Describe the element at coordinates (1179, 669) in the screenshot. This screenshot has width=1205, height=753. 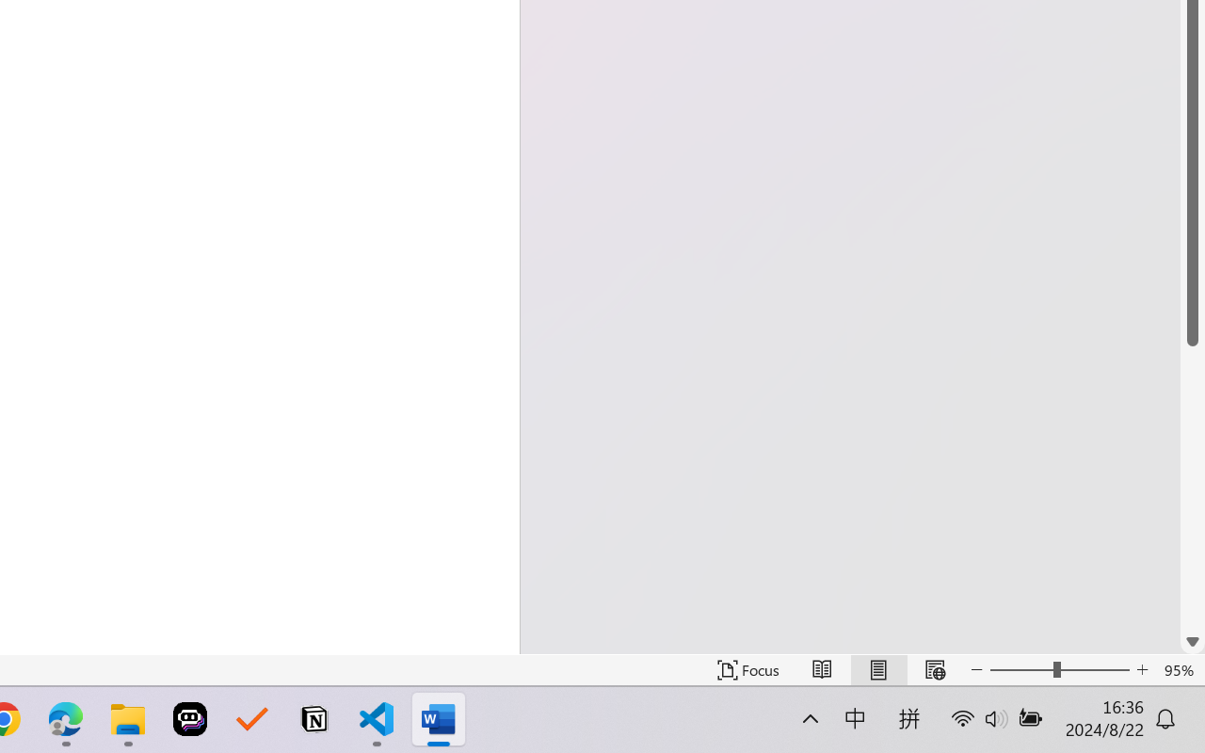
I see `'Zoom 95%'` at that location.